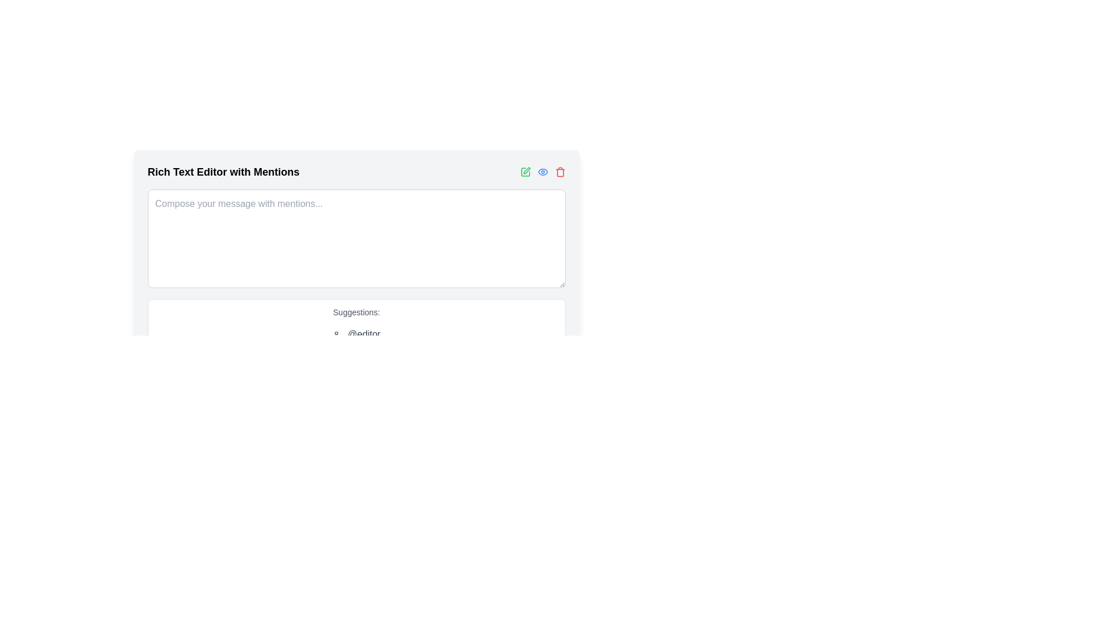 The height and width of the screenshot is (626, 1114). Describe the element at coordinates (525, 172) in the screenshot. I see `the edit button located in the top-right corner of the text editor interface` at that location.